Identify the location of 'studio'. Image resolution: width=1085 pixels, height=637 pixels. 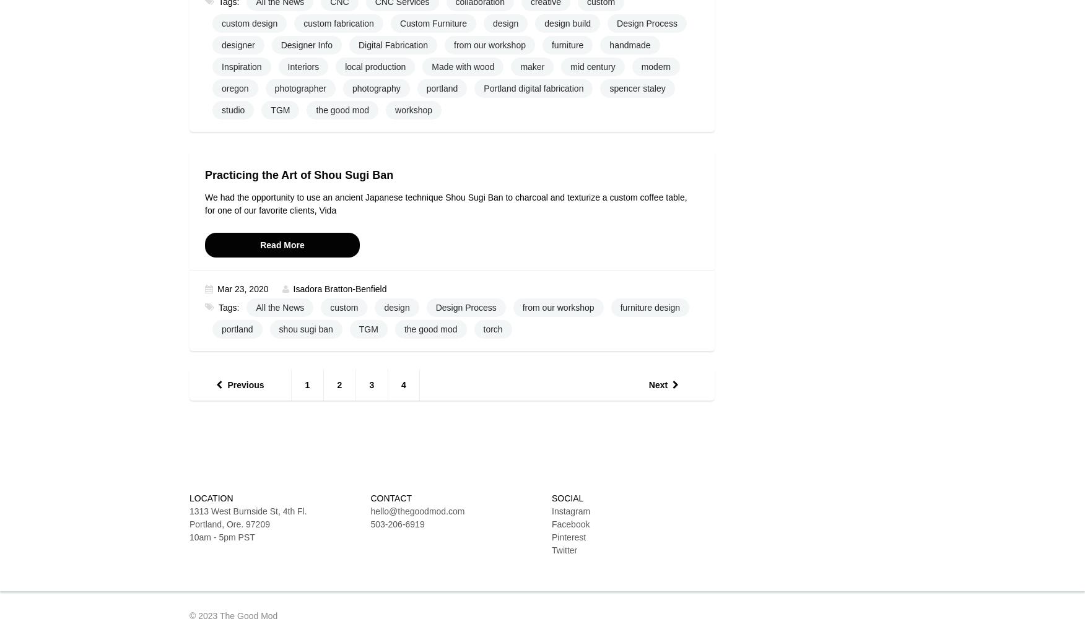
(232, 110).